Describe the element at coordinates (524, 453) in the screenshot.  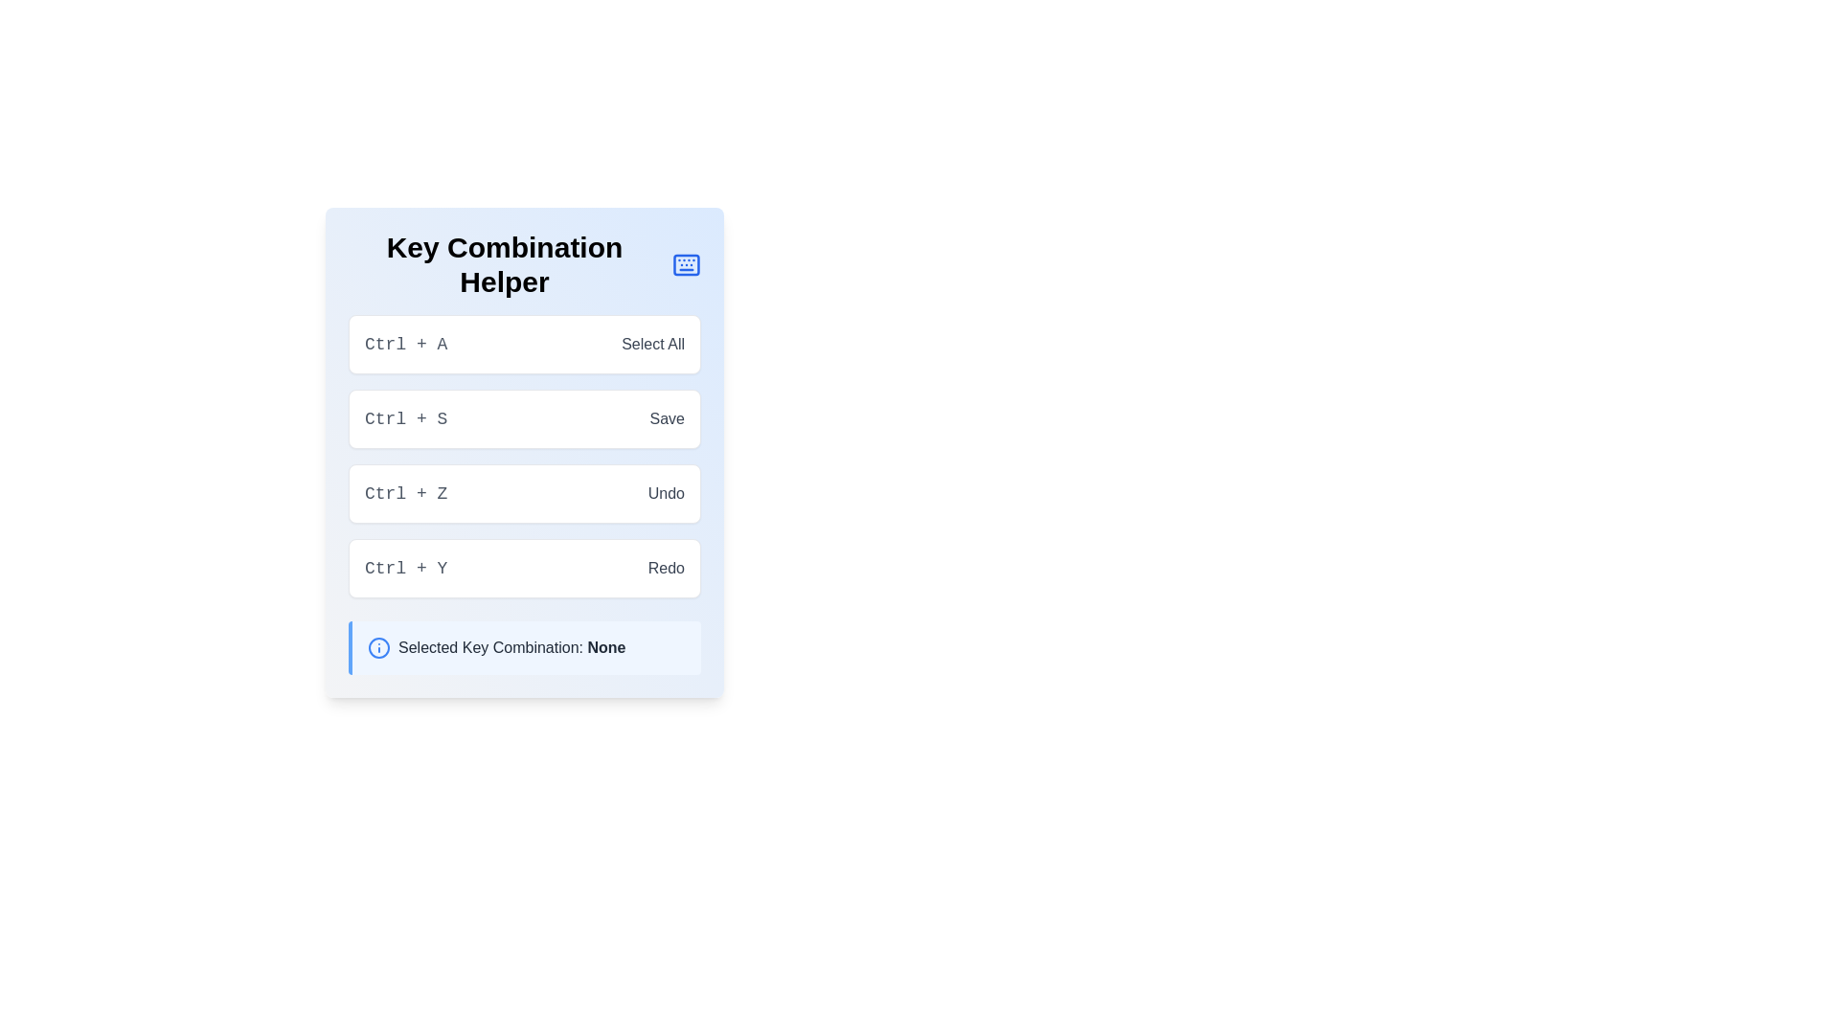
I see `the Informational display panel that provides a structured list of key combinations and their descriptions, located beneath the 'Key Combination Helper' title and above the footer displaying 'Selected Key Combination: None'` at that location.